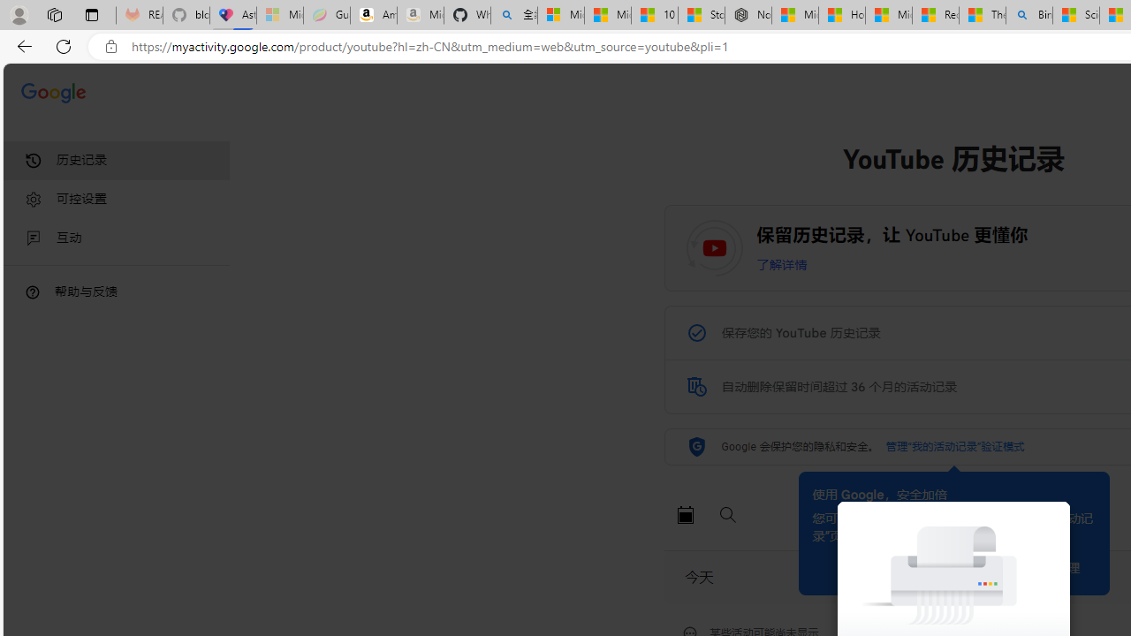 The image size is (1131, 636). What do you see at coordinates (232, 15) in the screenshot?
I see `'Asthma Inhalers: Names and Types'` at bounding box center [232, 15].